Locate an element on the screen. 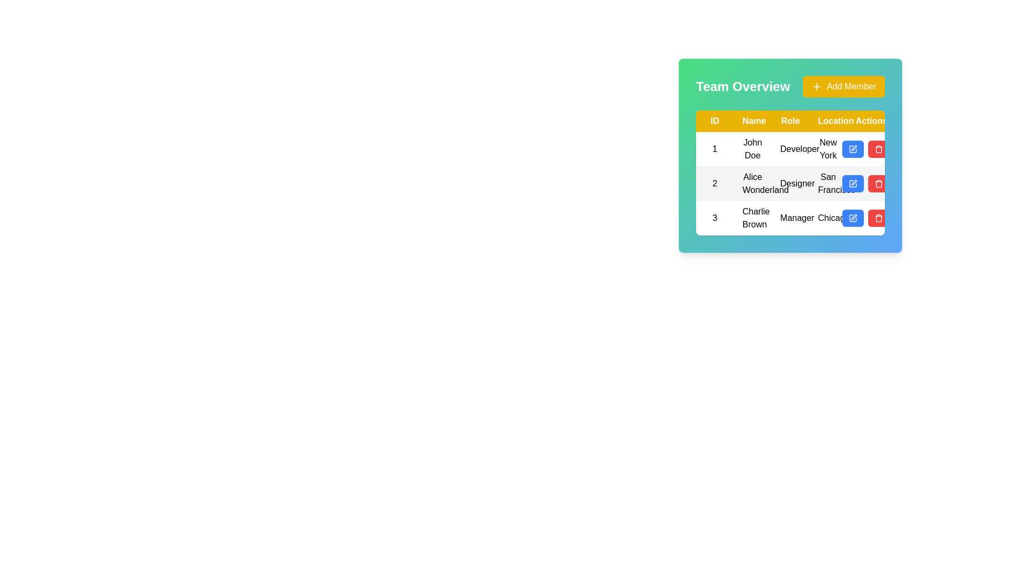 This screenshot has width=1036, height=582. the text label 'Alice Wonderland' in the second column of the second row within the team members table is located at coordinates (752, 183).